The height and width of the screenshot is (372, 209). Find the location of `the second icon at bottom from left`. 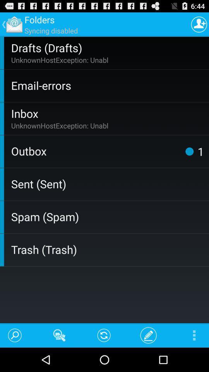

the second icon at bottom from left is located at coordinates (59, 335).